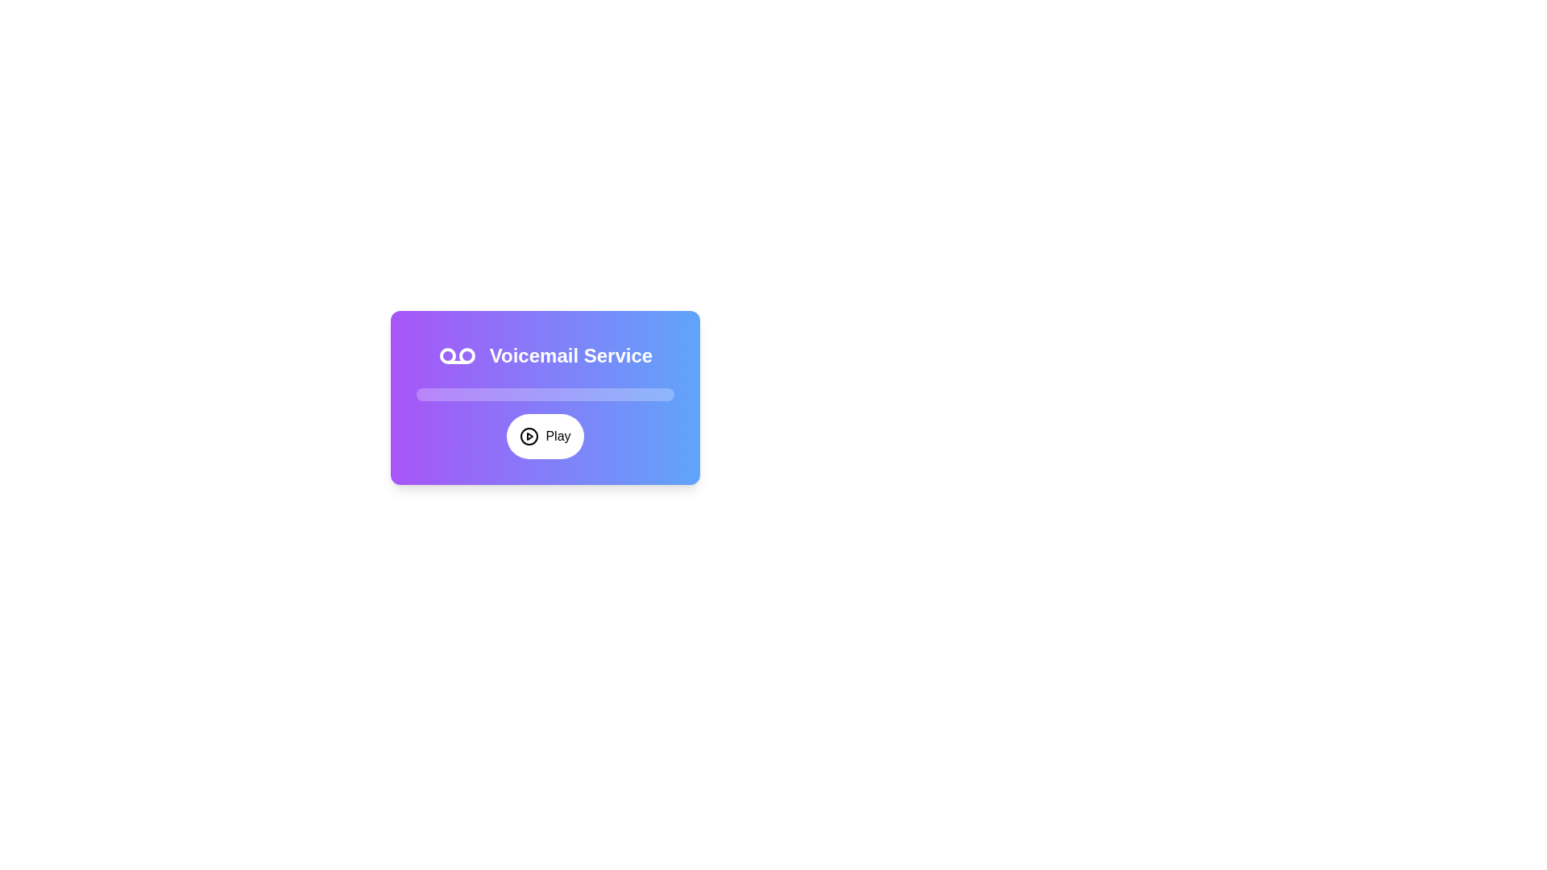  Describe the element at coordinates (545, 437) in the screenshot. I see `the circular 'Play' button with a white background and a green text` at that location.